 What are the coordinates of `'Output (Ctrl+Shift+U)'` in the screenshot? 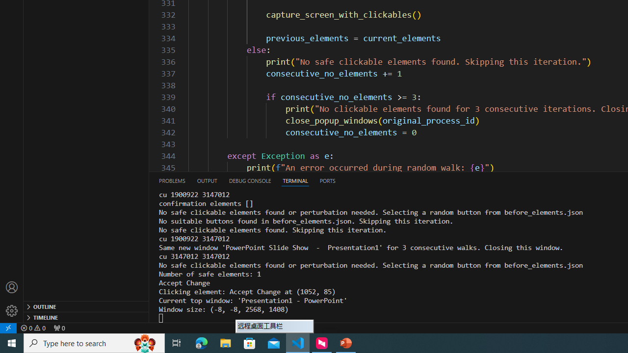 It's located at (206, 180).